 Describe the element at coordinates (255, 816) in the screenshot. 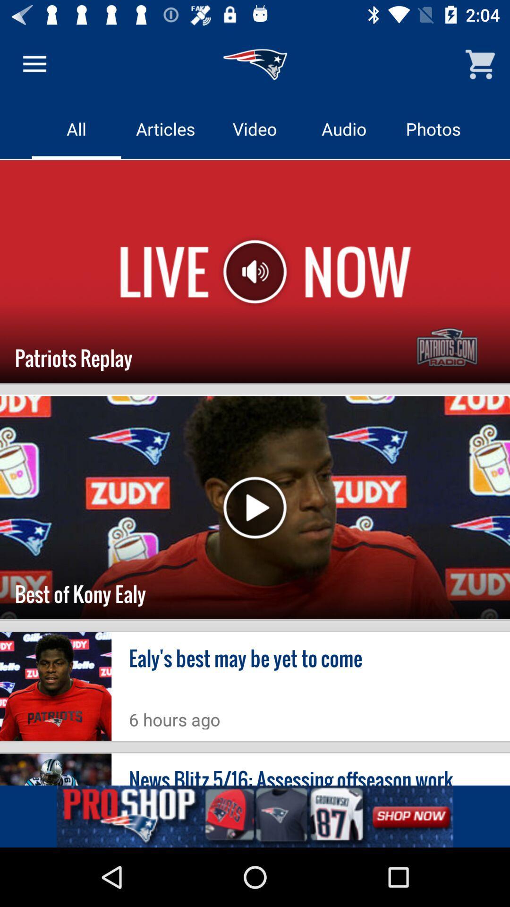

I see `clik the add` at that location.